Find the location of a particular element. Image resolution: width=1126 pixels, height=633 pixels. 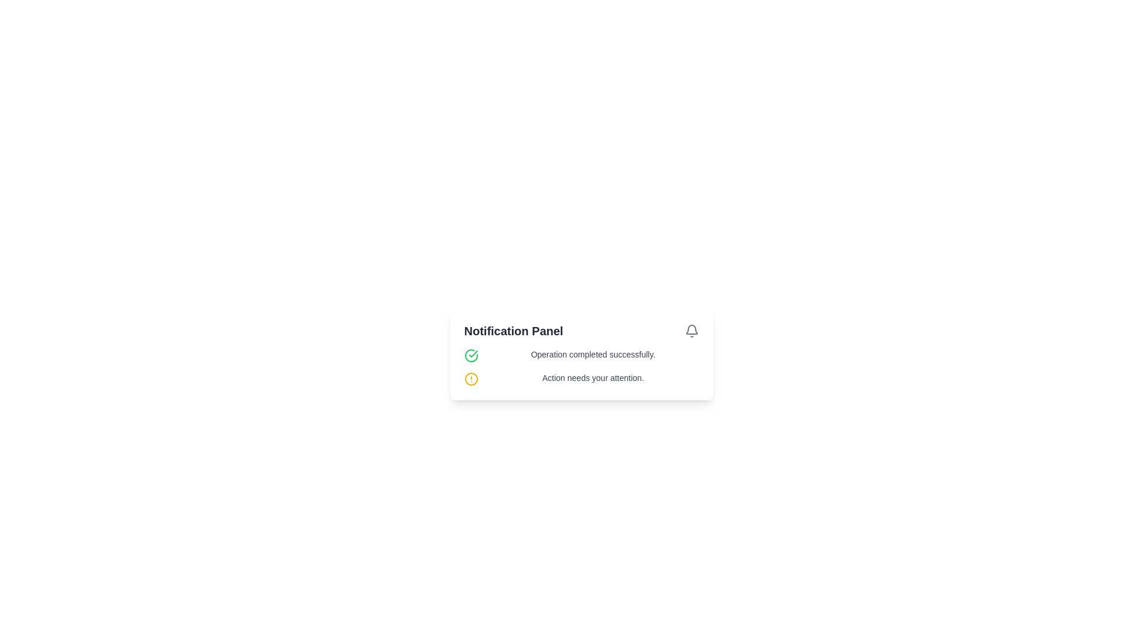

the green circular icon with a checkmark inside, located is located at coordinates (471, 355).